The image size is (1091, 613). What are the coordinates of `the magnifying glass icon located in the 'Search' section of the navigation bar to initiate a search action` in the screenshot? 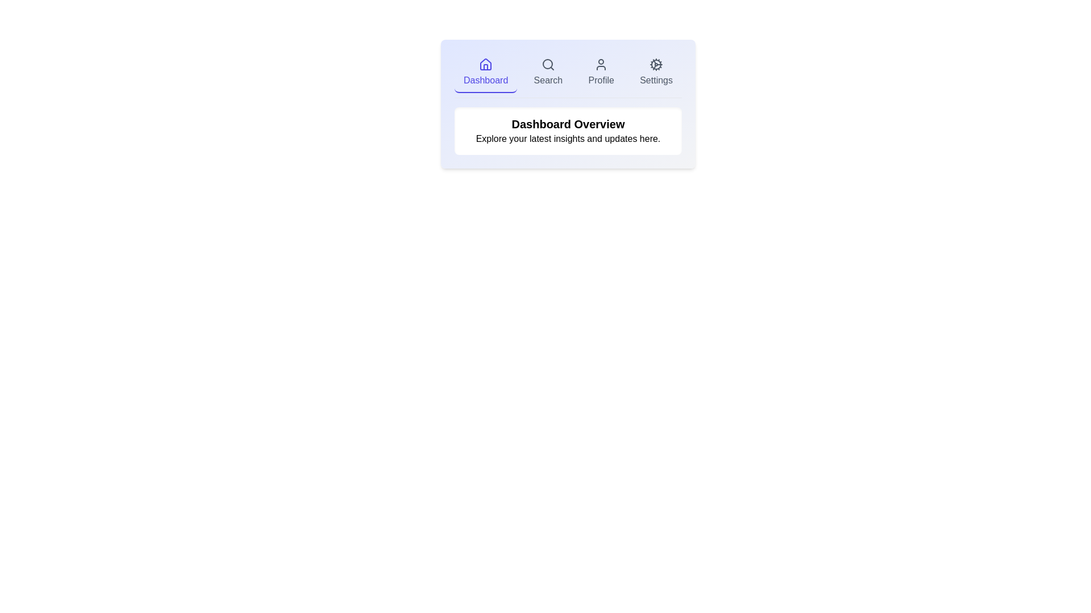 It's located at (548, 65).